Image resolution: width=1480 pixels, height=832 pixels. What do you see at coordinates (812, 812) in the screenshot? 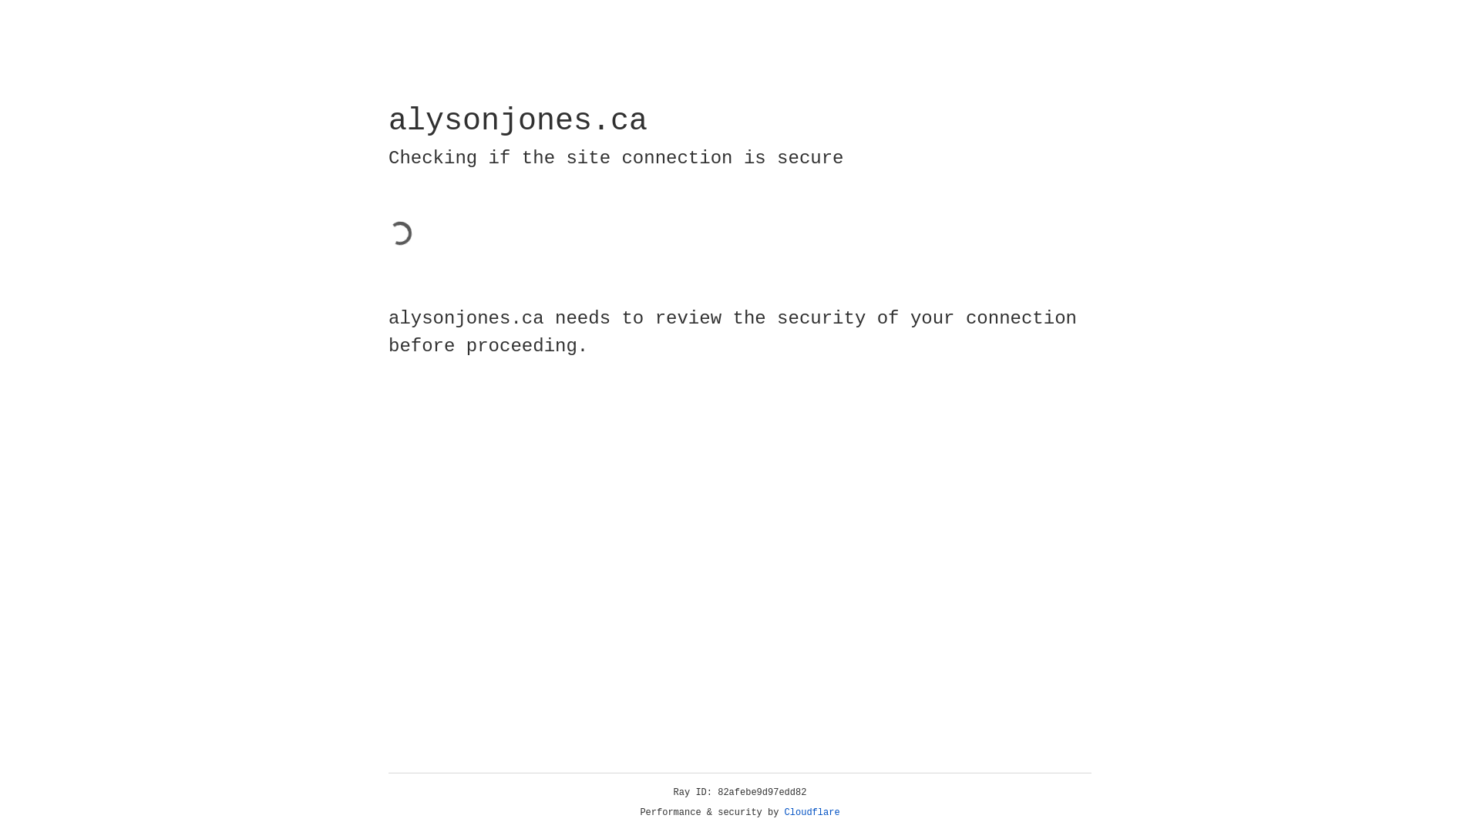
I see `'Cloudflare'` at bounding box center [812, 812].